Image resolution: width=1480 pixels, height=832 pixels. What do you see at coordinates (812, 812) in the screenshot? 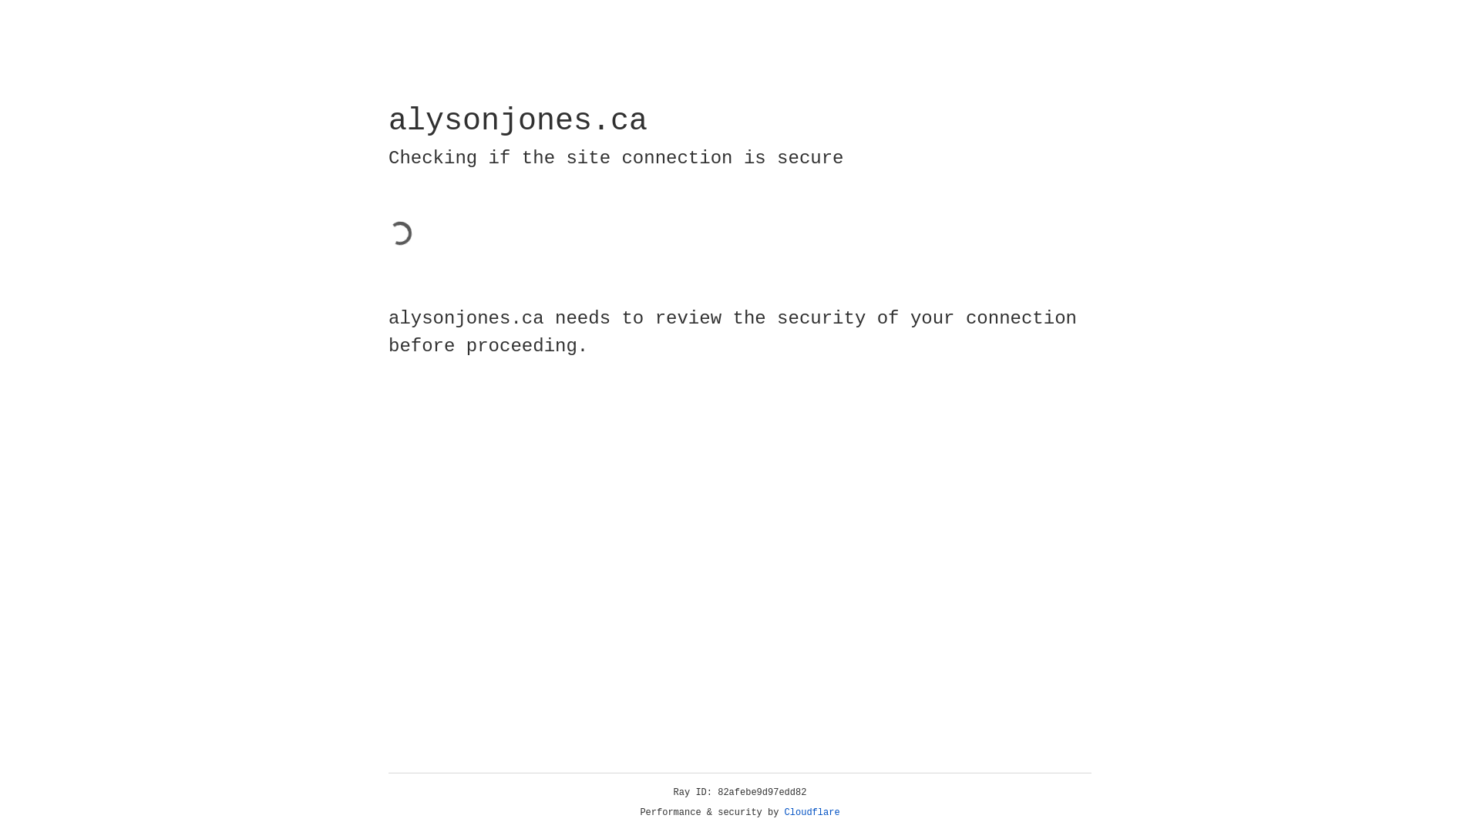
I see `'Cloudflare'` at bounding box center [812, 812].